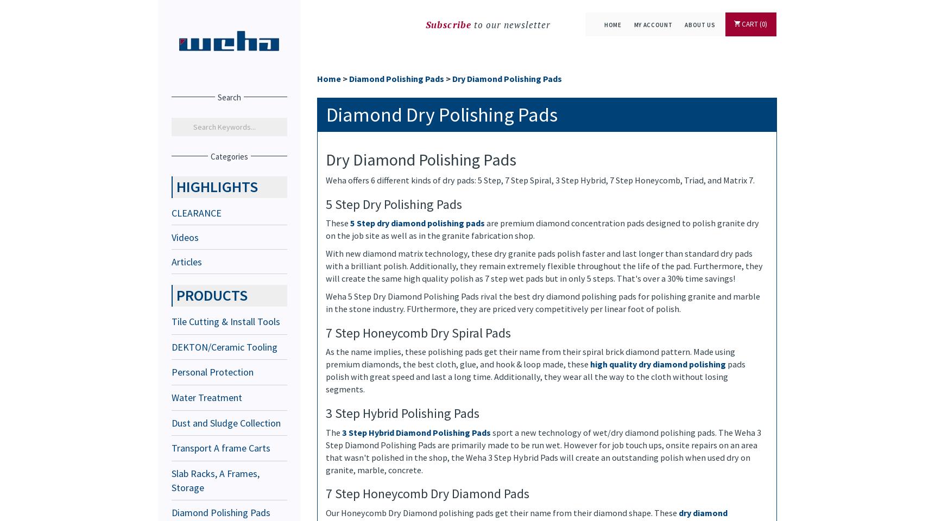  I want to click on 'Personal Protection', so click(212, 372).